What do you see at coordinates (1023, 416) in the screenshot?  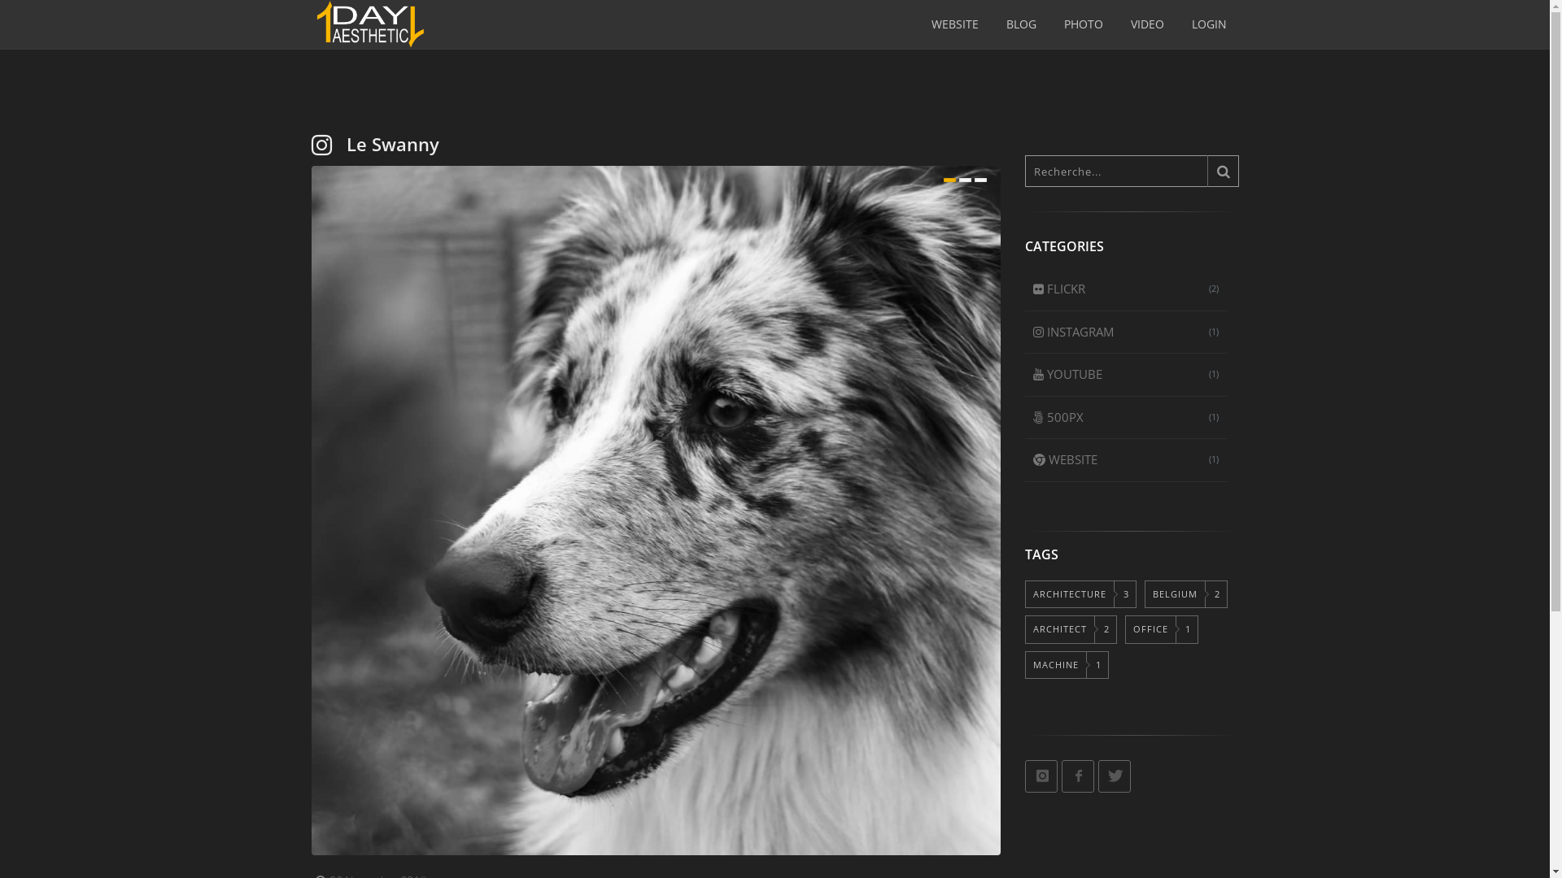 I see `'(1)` at bounding box center [1023, 416].